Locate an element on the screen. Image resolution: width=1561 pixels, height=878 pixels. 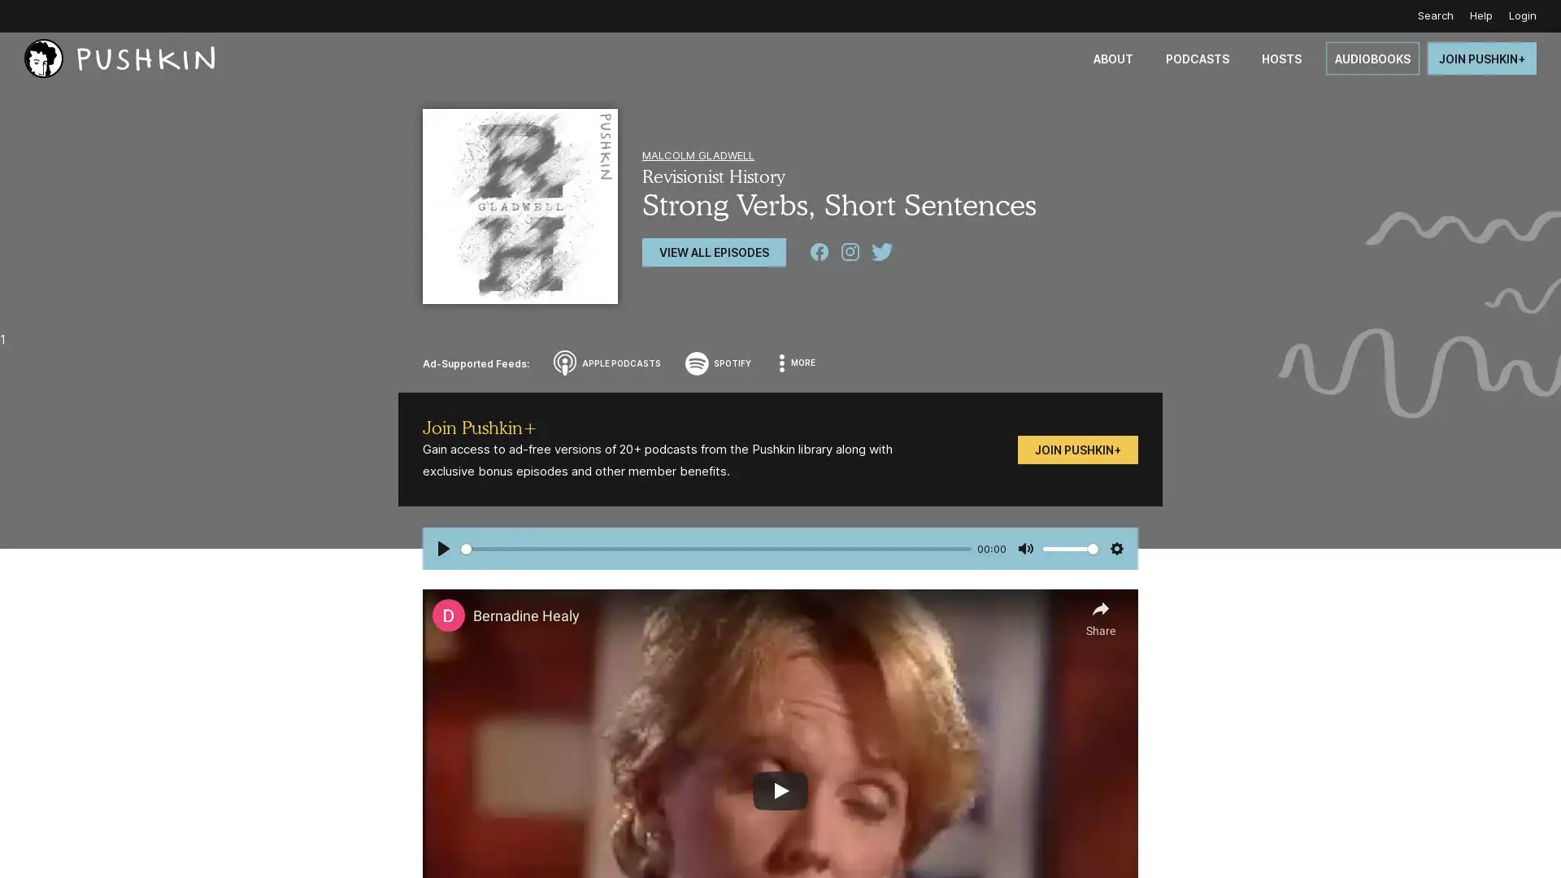
Play is located at coordinates (444, 549).